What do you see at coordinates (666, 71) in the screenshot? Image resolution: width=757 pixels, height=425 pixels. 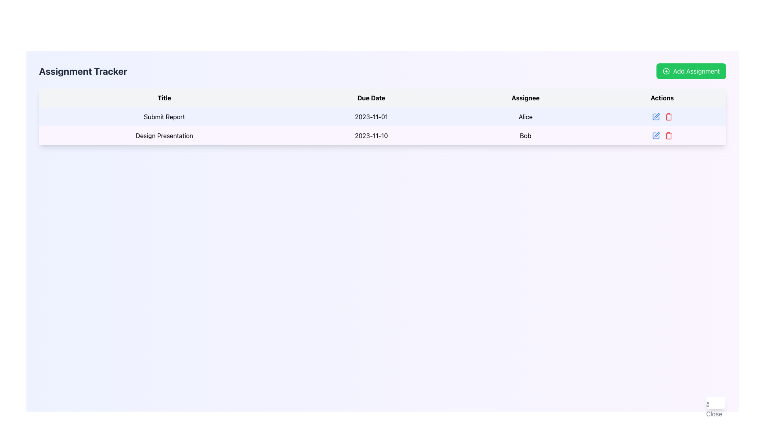 I see `the circular outline of the SVG icon representing a plus symbol within the 'Add Assignment' button located at the top-right corner of the interface` at bounding box center [666, 71].